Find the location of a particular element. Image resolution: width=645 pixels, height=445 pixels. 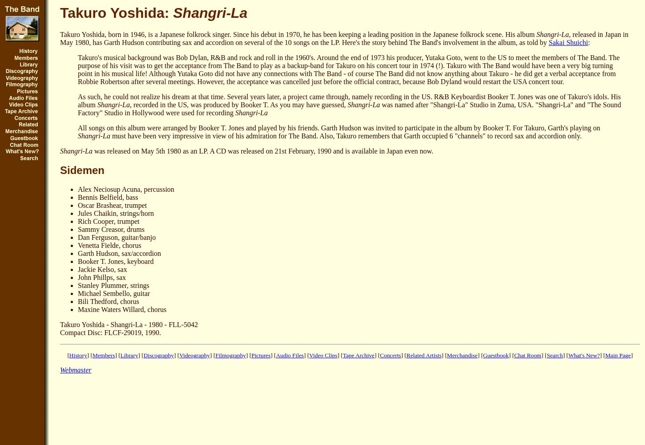

', released in Japan in May 1980, has Garth Hudson contributing
sax and accordion on several of the 10 songs on the LP. Here's the story behind
The Band's involvement in the album, as told  by' is located at coordinates (59, 38).